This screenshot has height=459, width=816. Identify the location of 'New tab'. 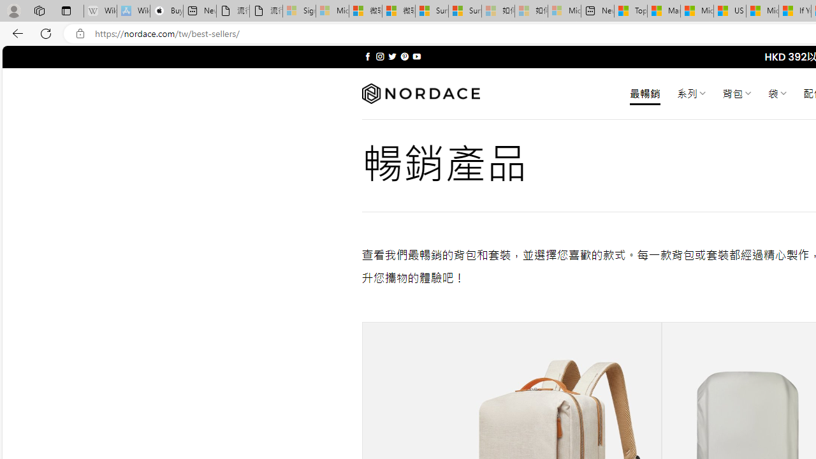
(596, 11).